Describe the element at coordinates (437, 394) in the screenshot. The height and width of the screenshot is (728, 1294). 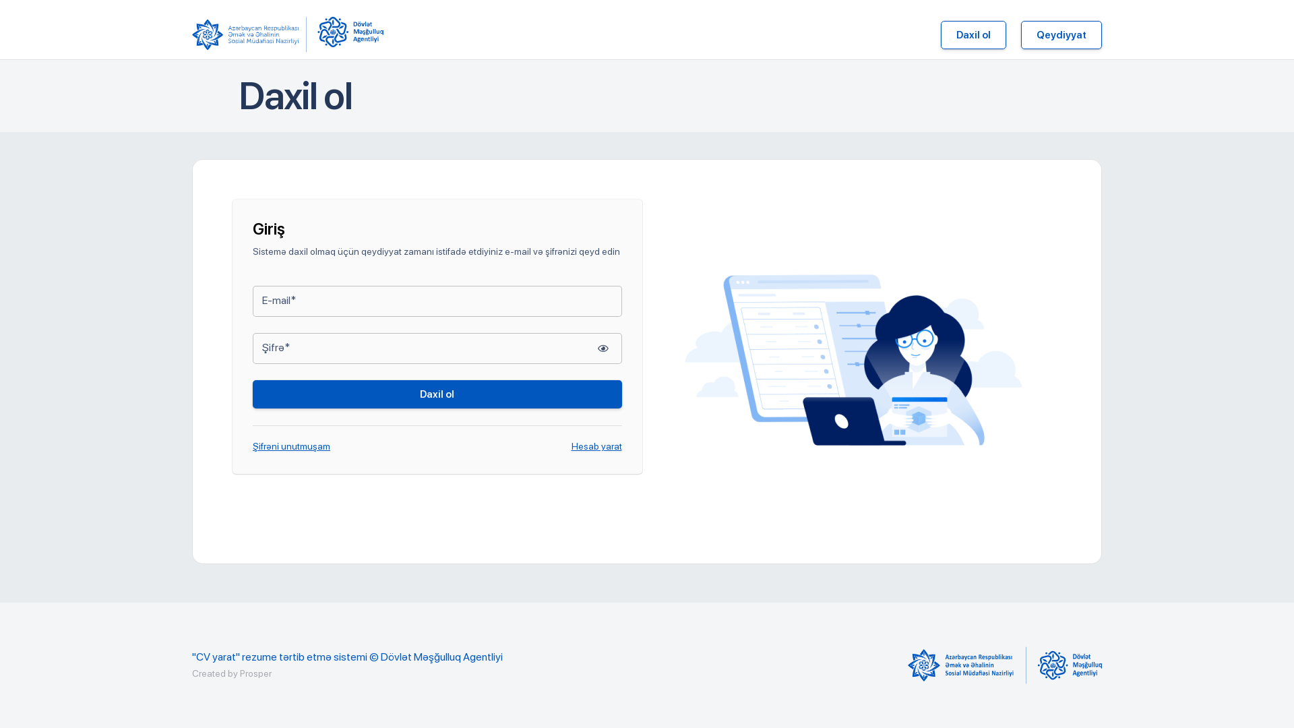
I see `'Daxil ol'` at that location.